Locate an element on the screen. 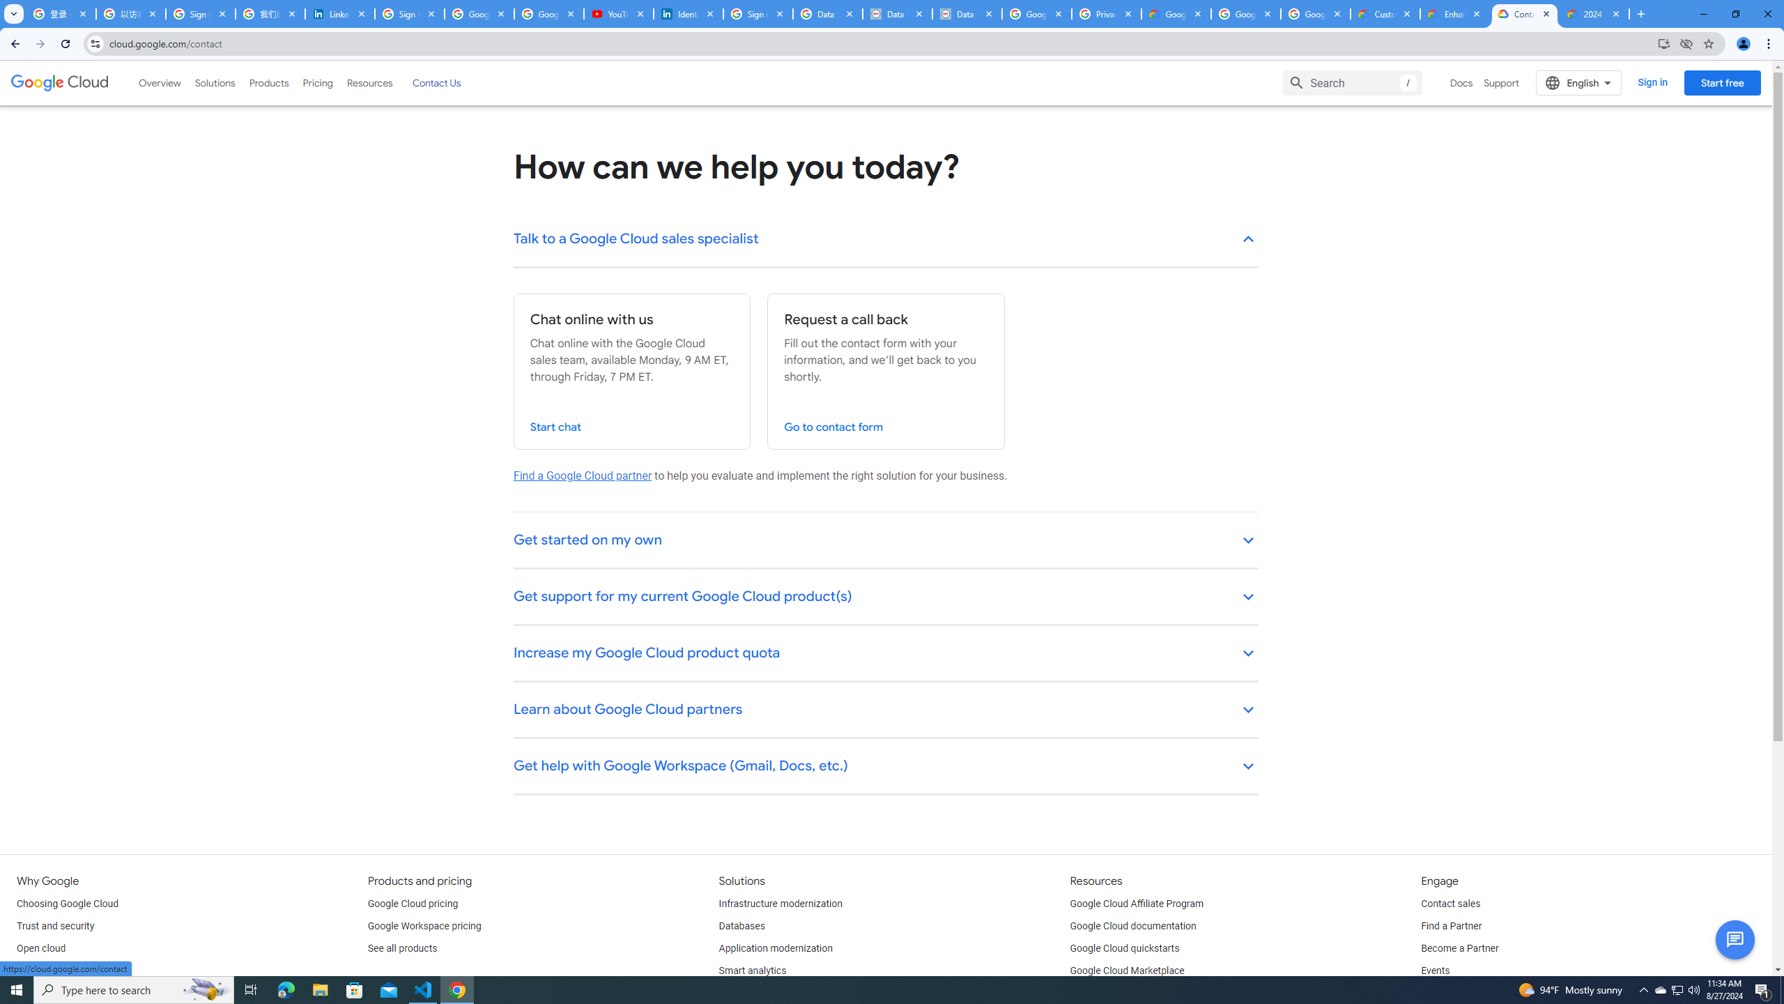  'New Tab' is located at coordinates (1639, 13).